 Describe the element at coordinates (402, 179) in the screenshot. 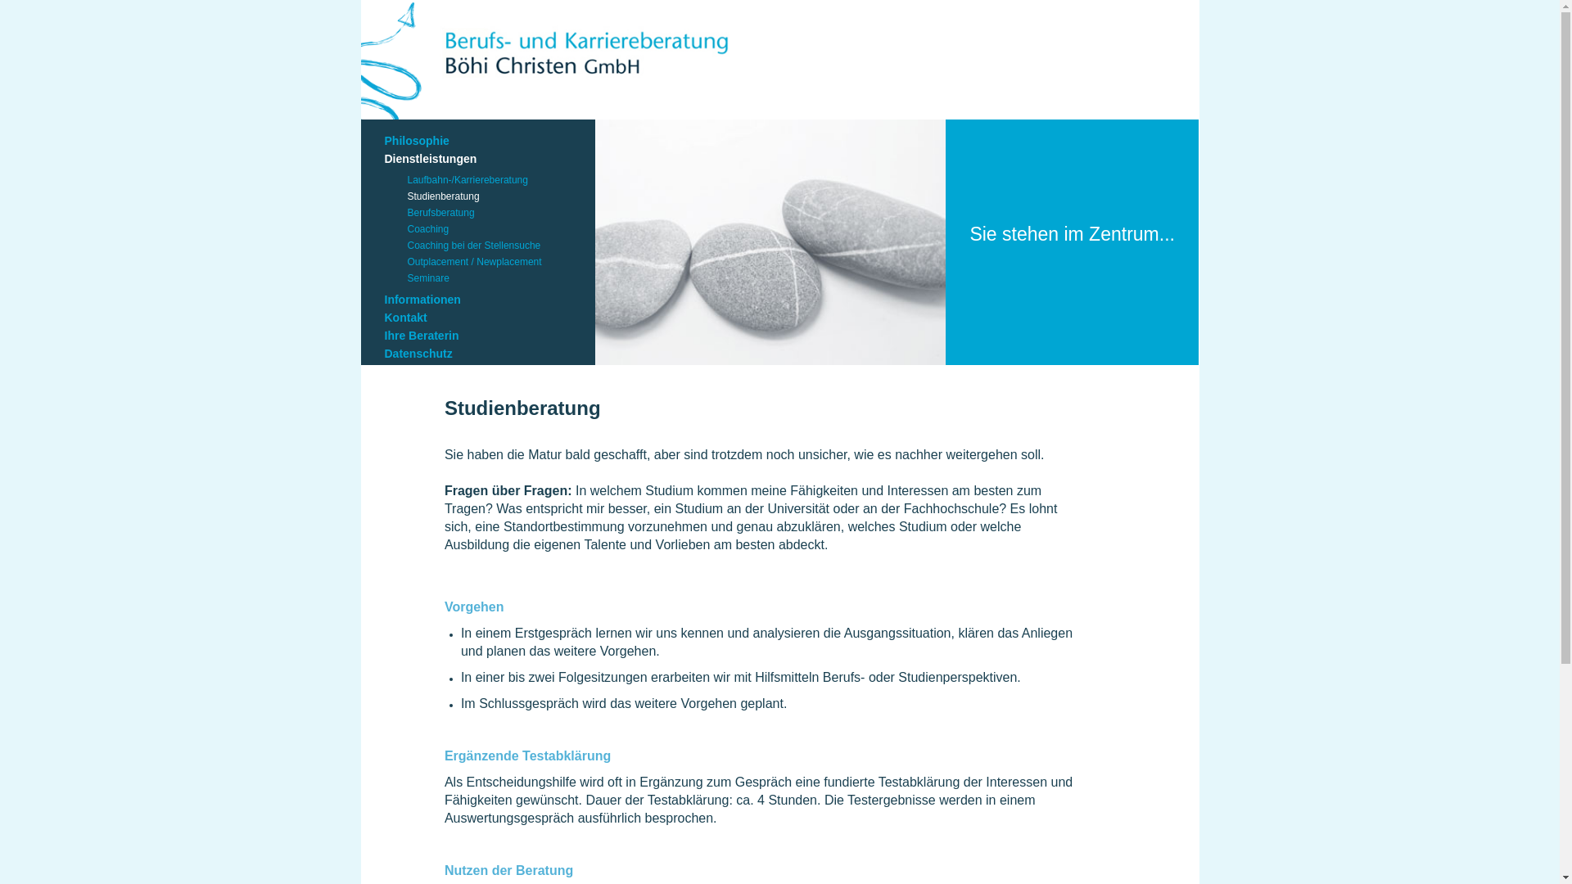

I see `'Laufbahn-/Karriereberatung'` at that location.